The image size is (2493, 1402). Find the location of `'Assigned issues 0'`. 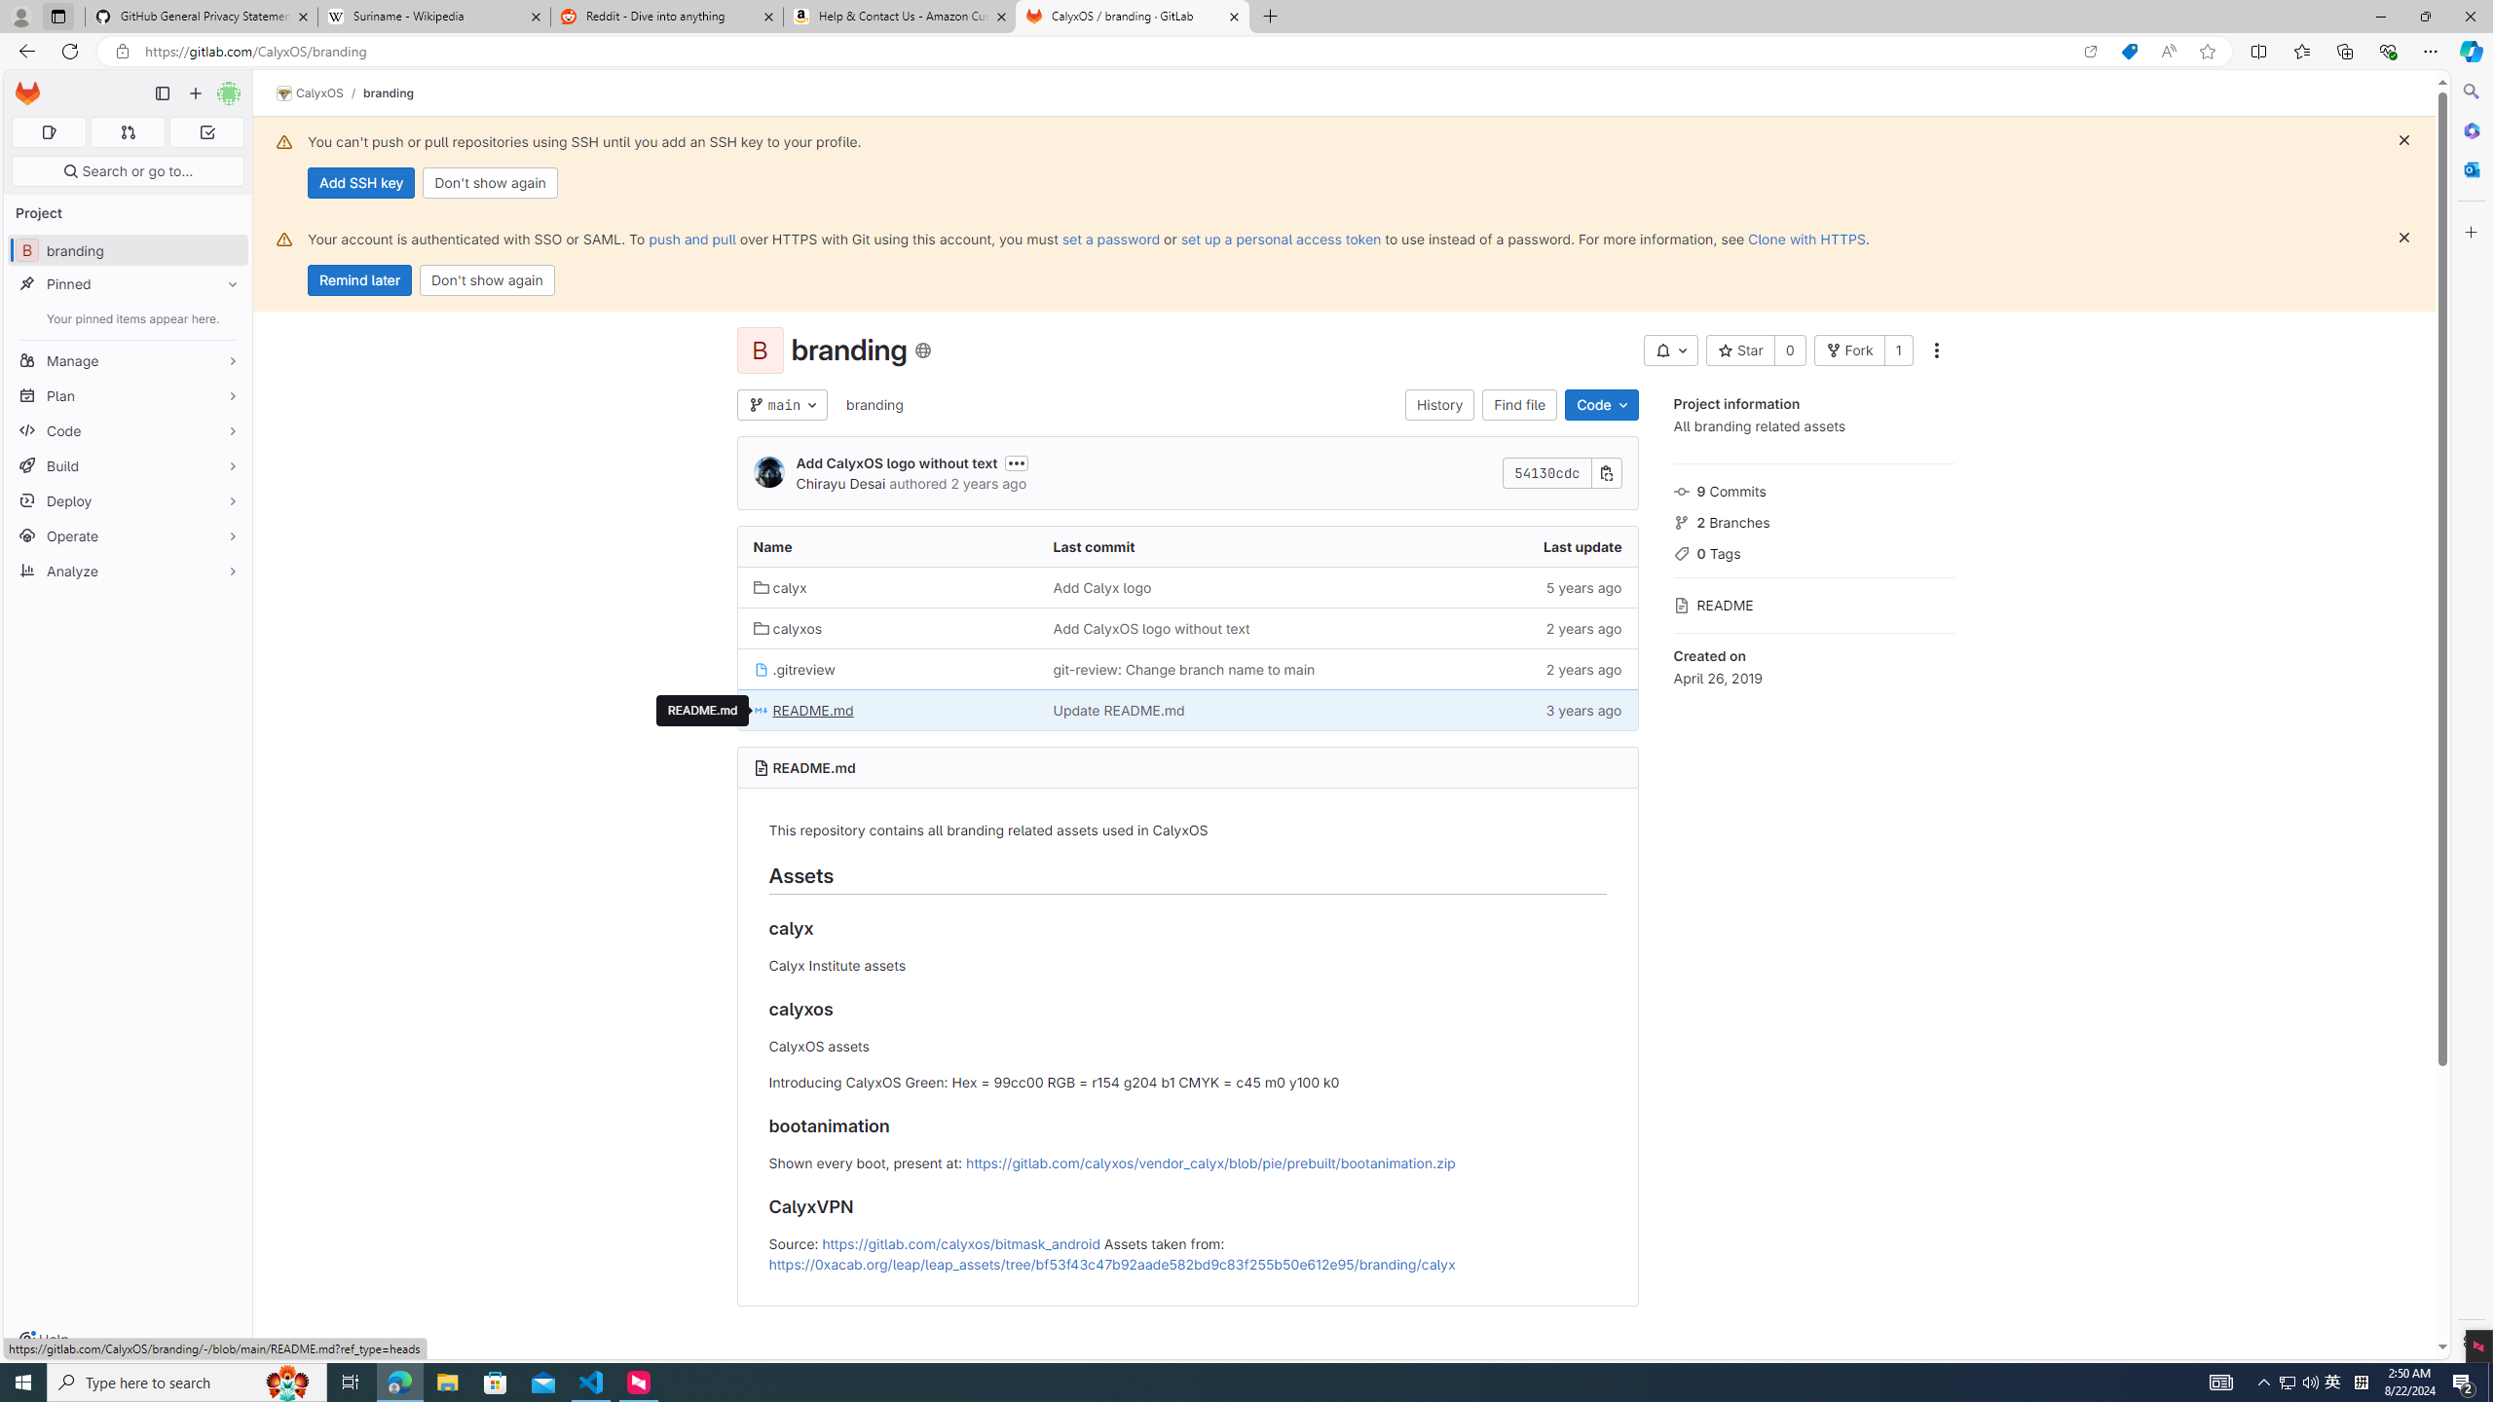

'Assigned issues 0' is located at coordinates (49, 131).